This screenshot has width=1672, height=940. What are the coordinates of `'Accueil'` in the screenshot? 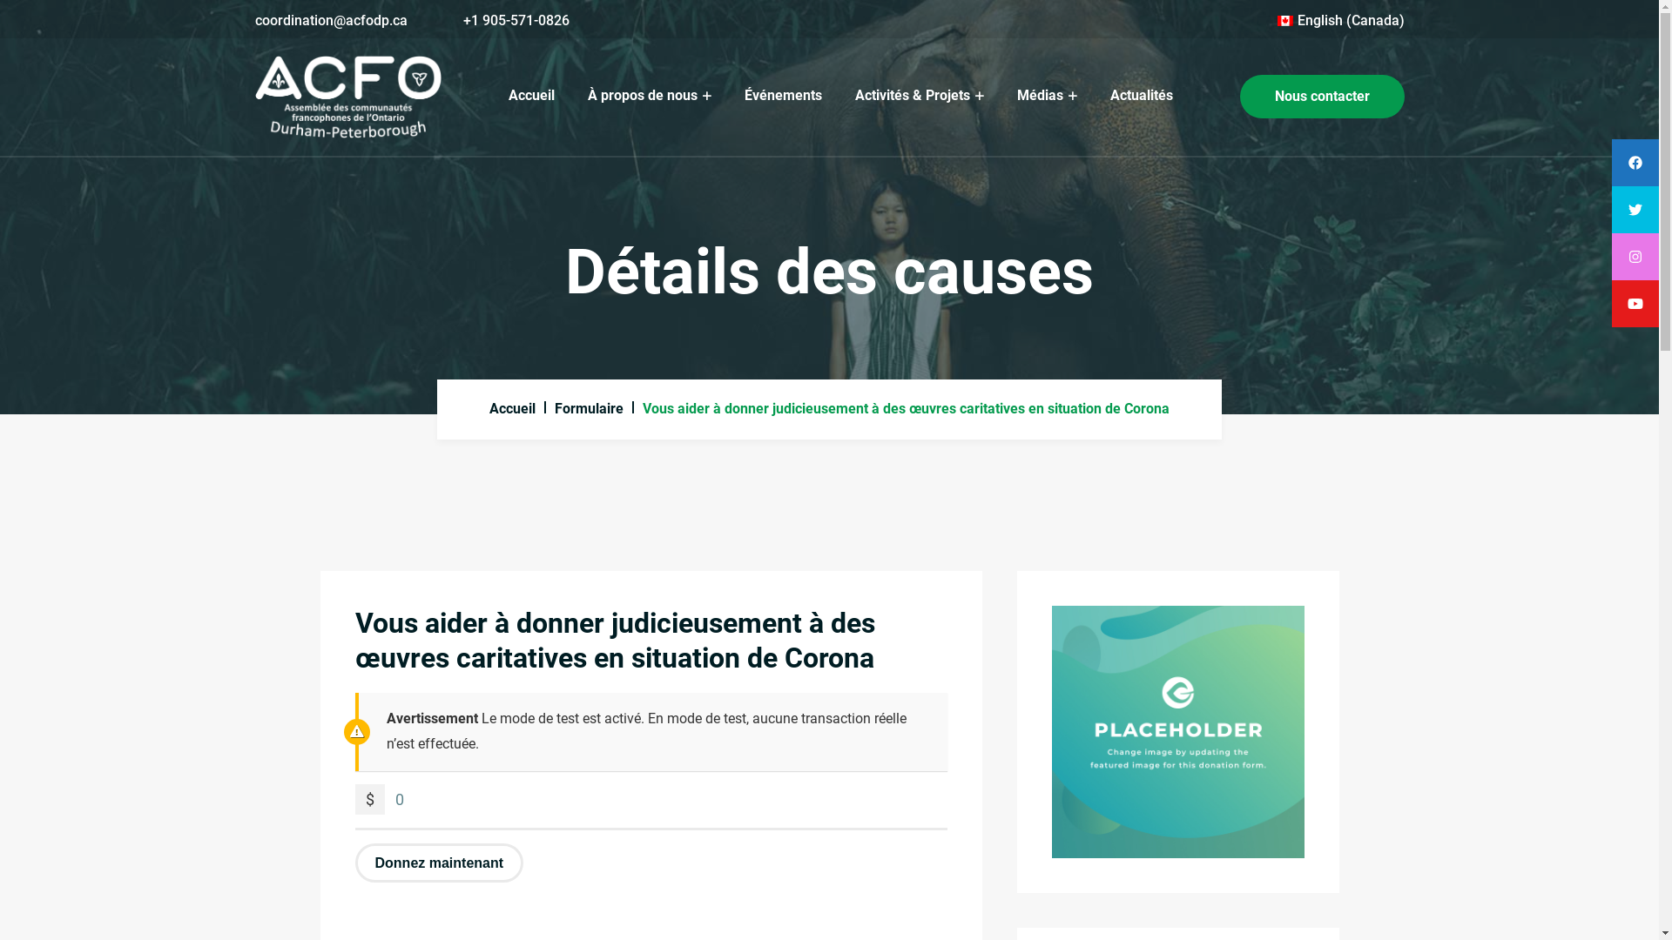 It's located at (529, 96).